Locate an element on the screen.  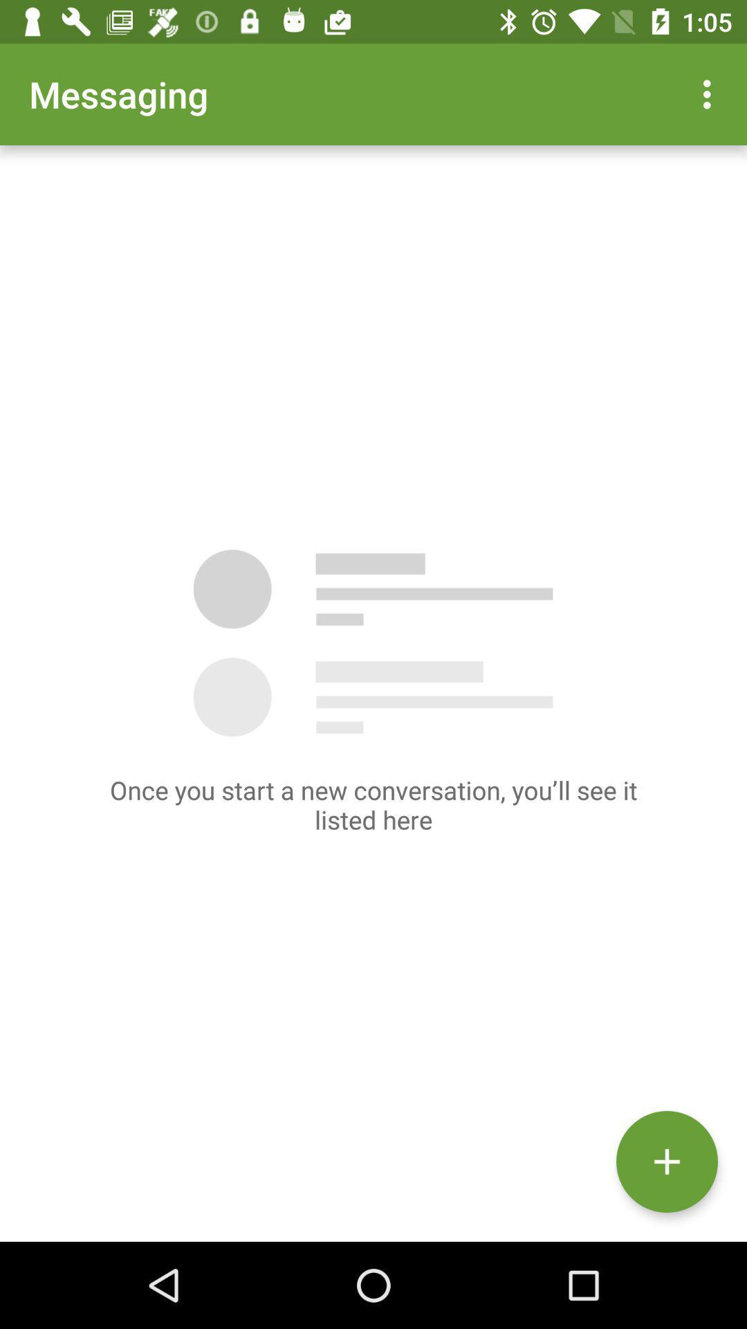
the item to the right of messaging item is located at coordinates (710, 93).